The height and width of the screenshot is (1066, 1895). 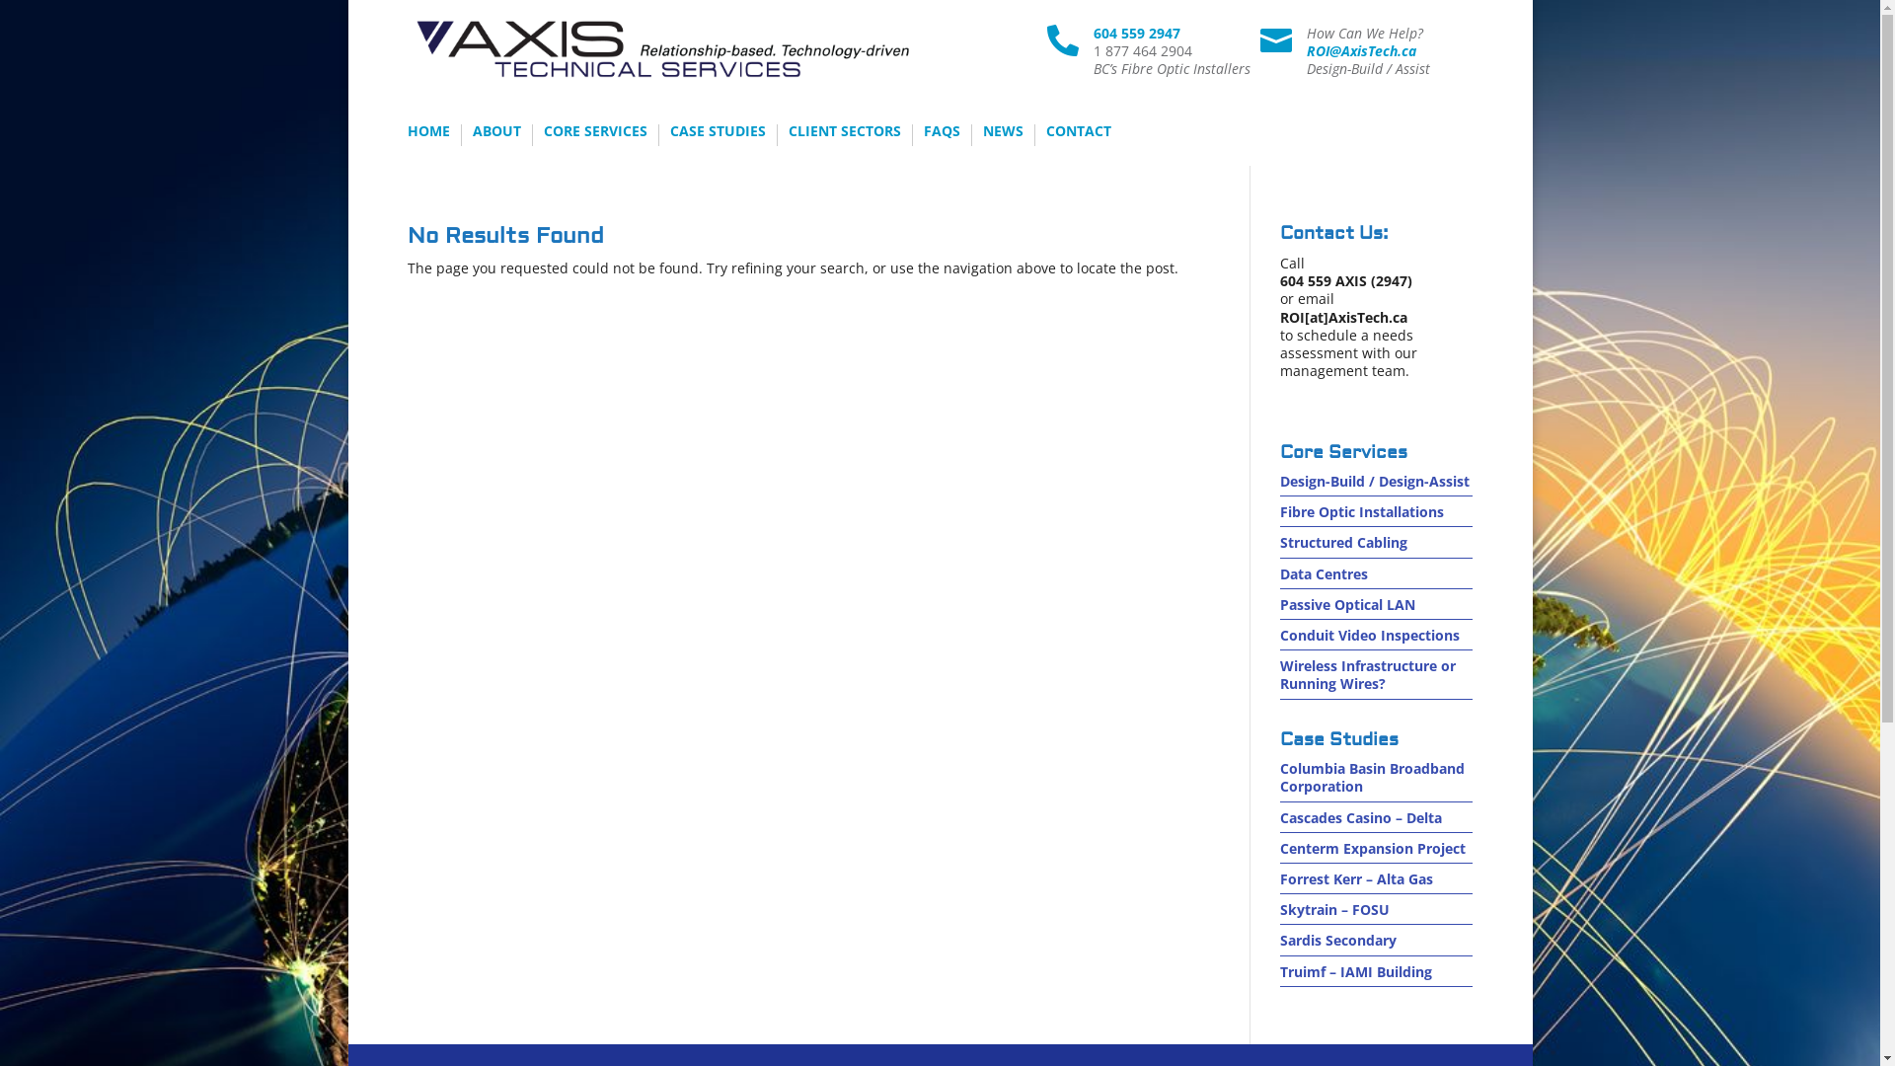 What do you see at coordinates (1360, 49) in the screenshot?
I see `'ROI@AxisTech.ca'` at bounding box center [1360, 49].